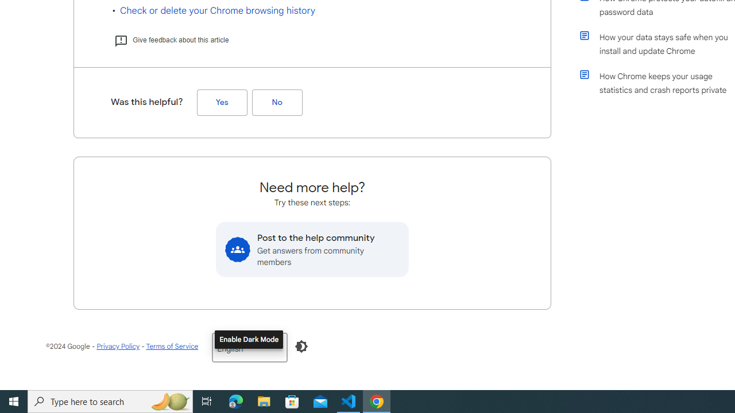  I want to click on 'Yes (Was this helpful?)', so click(222, 102).